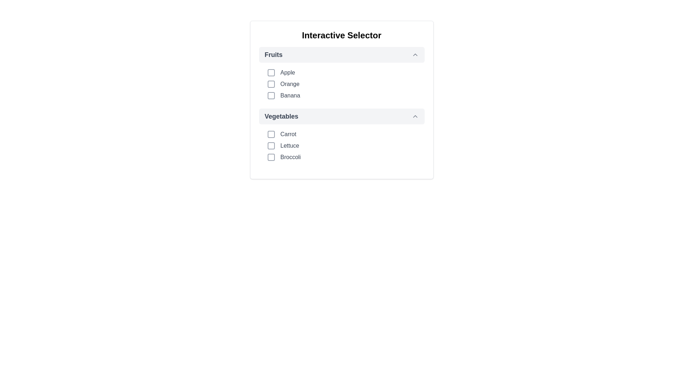 This screenshot has height=387, width=688. Describe the element at coordinates (271, 95) in the screenshot. I see `the checkbox for 'Banana' in the 'Fruits' category` at that location.